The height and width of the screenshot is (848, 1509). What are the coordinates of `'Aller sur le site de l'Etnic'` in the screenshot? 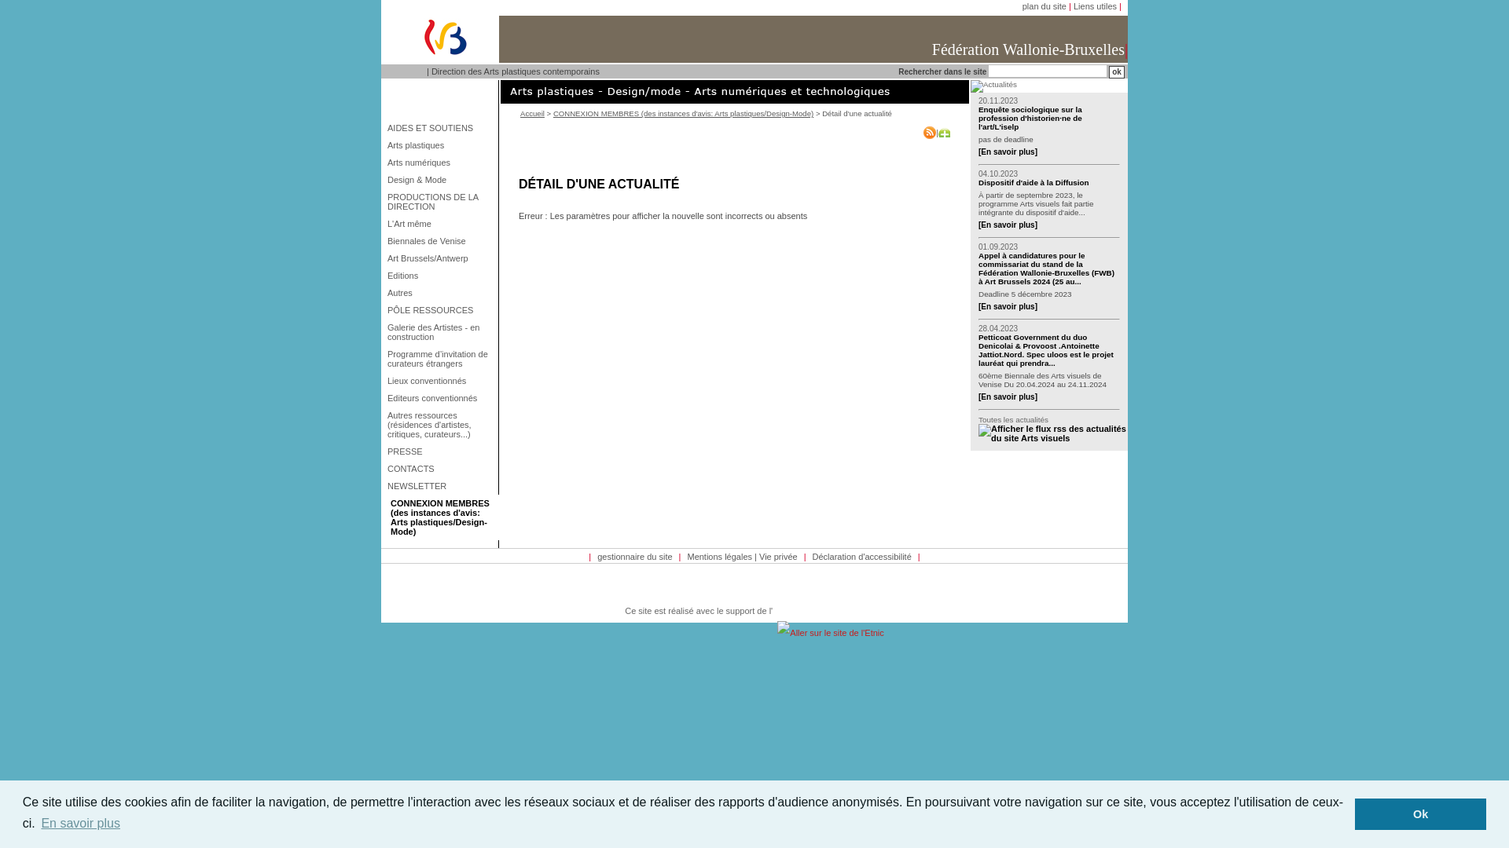 It's located at (829, 632).